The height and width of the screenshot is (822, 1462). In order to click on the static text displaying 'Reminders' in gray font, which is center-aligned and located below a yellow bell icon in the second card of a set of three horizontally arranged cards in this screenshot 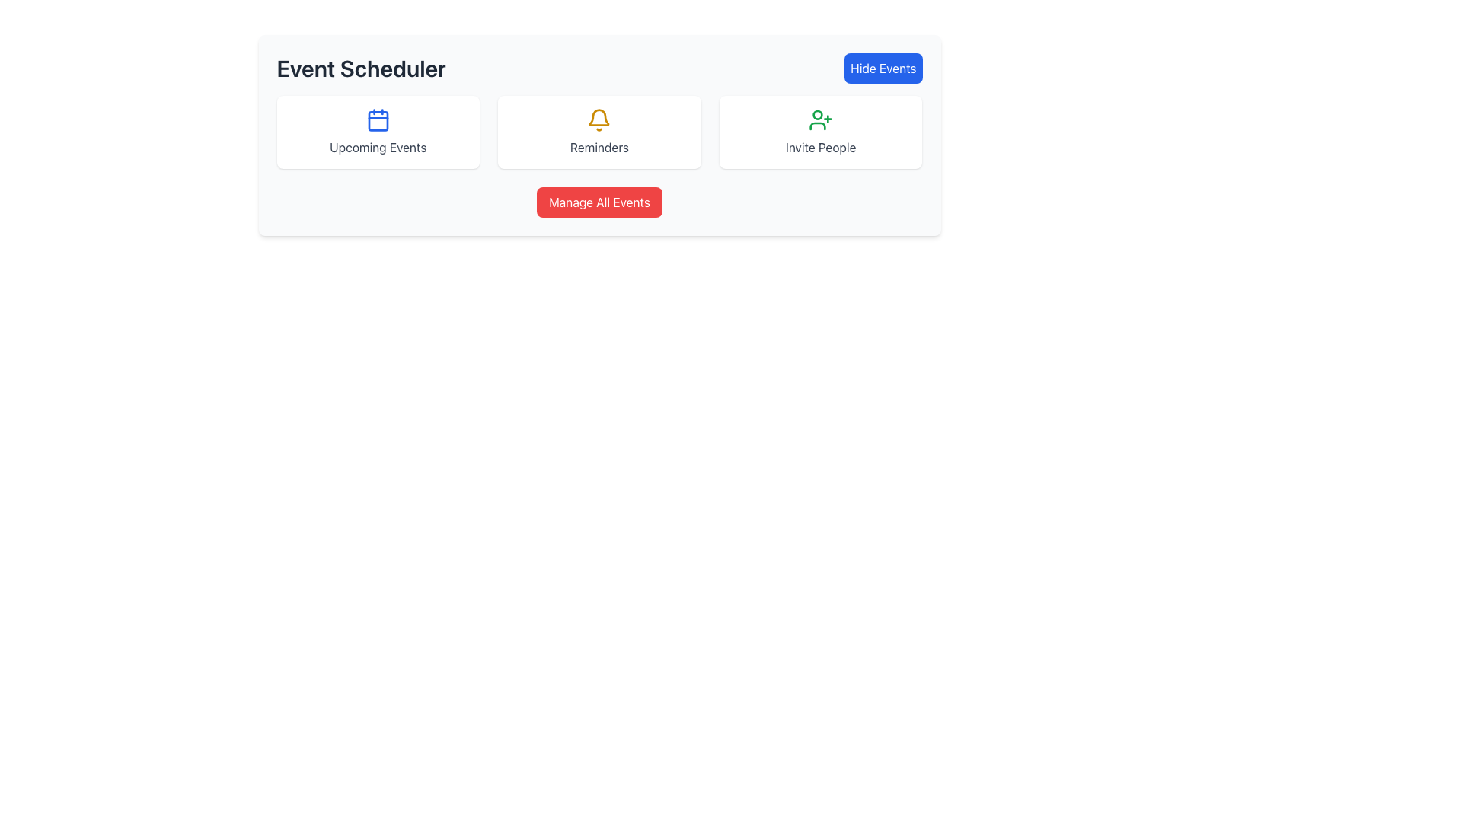, I will do `click(599, 147)`.